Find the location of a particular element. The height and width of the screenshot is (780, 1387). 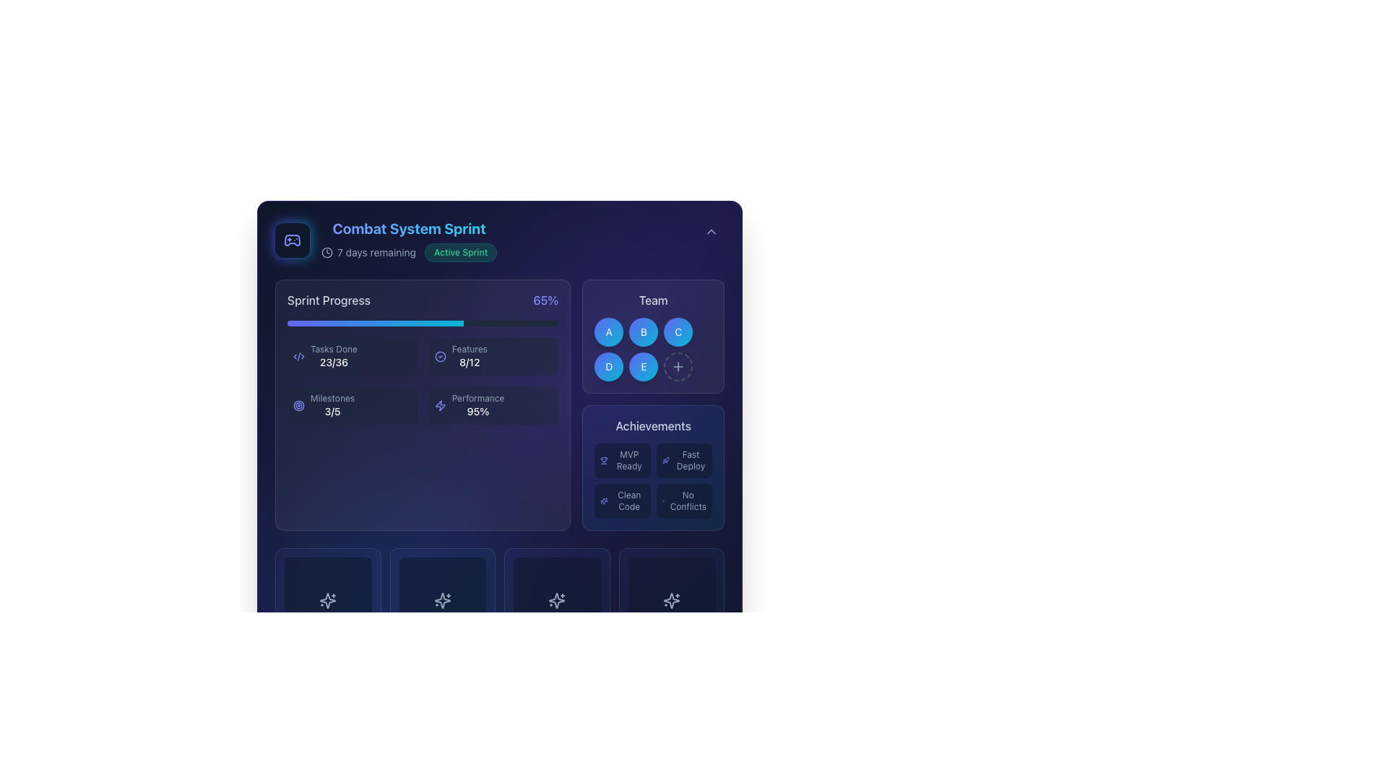

the button located on the right-hand side of the interface within the 'Team' section is located at coordinates (678, 366).